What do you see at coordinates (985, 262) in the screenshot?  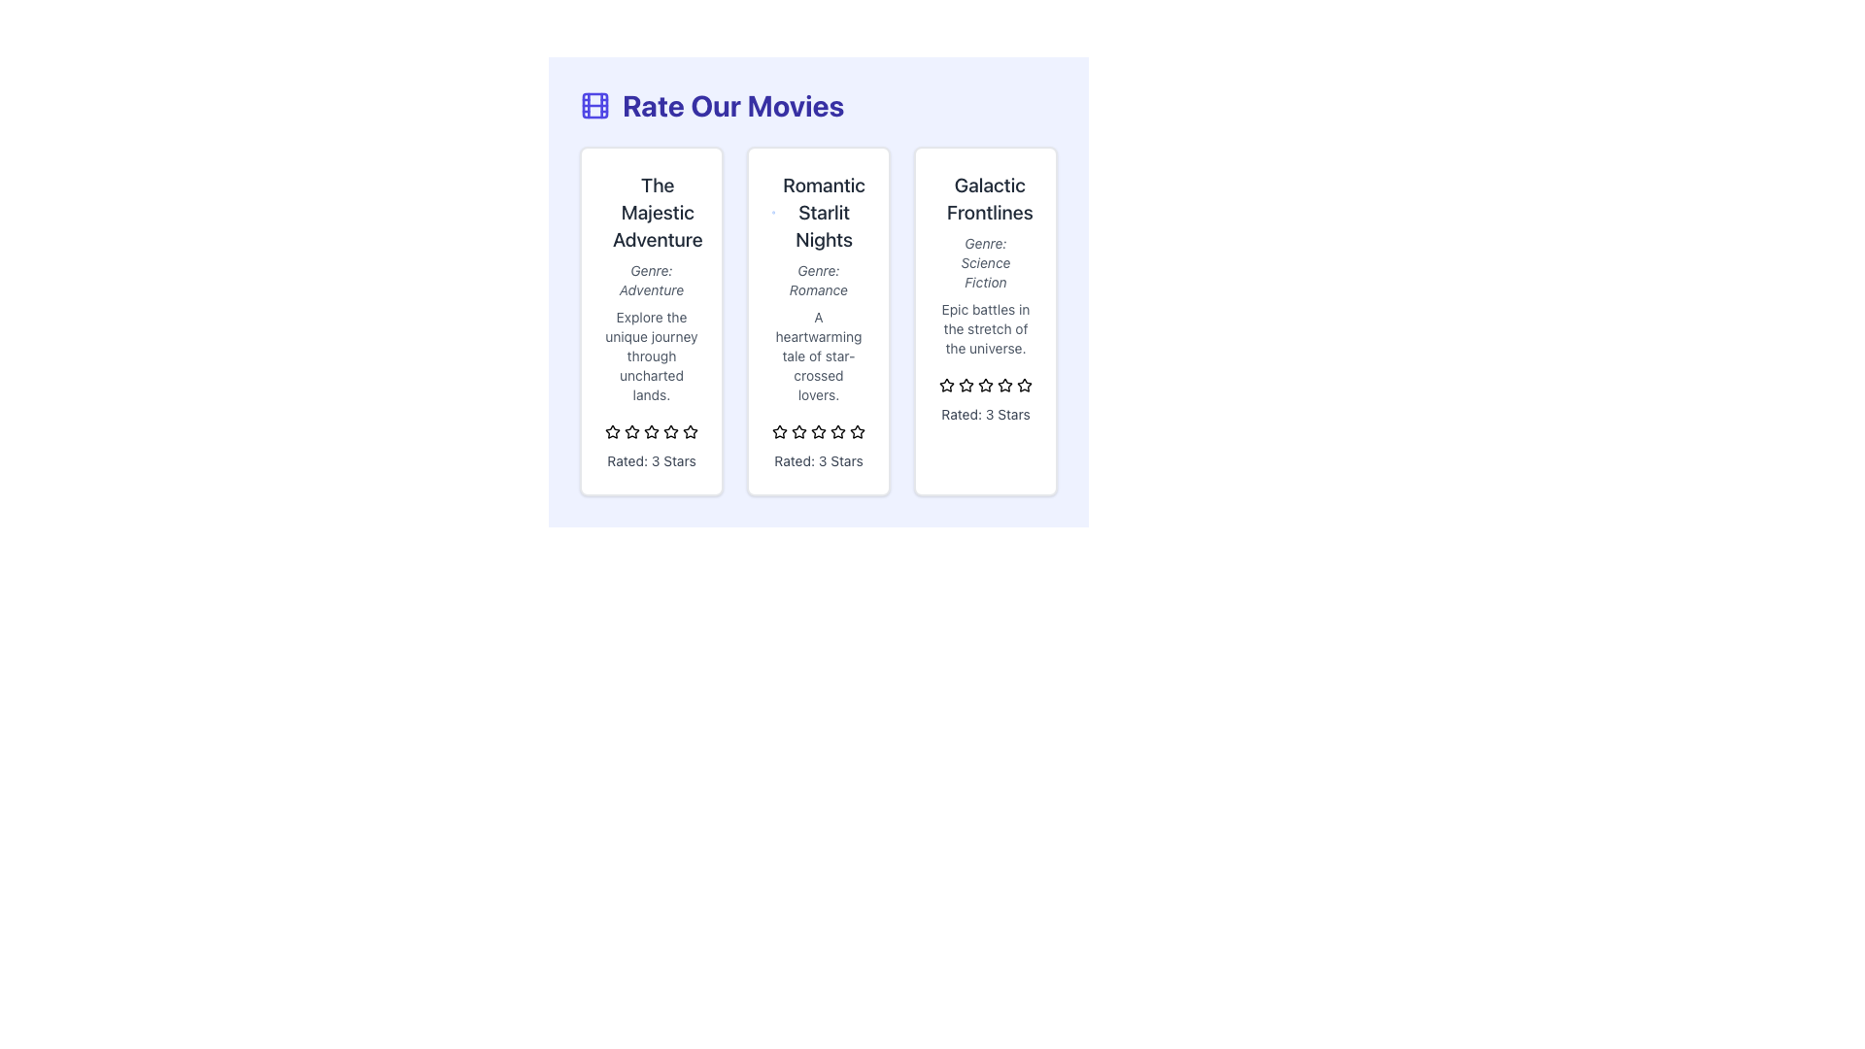 I see `genre information displayed in the text label located under the main title 'Galactic Frontlines' in the second block of text within the card` at bounding box center [985, 262].